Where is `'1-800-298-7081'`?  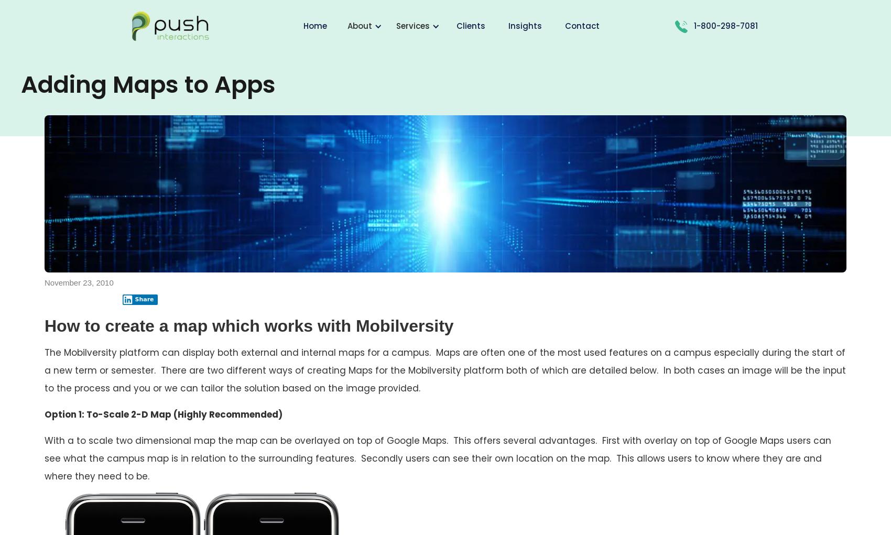
'1-800-298-7081' is located at coordinates (725, 26).